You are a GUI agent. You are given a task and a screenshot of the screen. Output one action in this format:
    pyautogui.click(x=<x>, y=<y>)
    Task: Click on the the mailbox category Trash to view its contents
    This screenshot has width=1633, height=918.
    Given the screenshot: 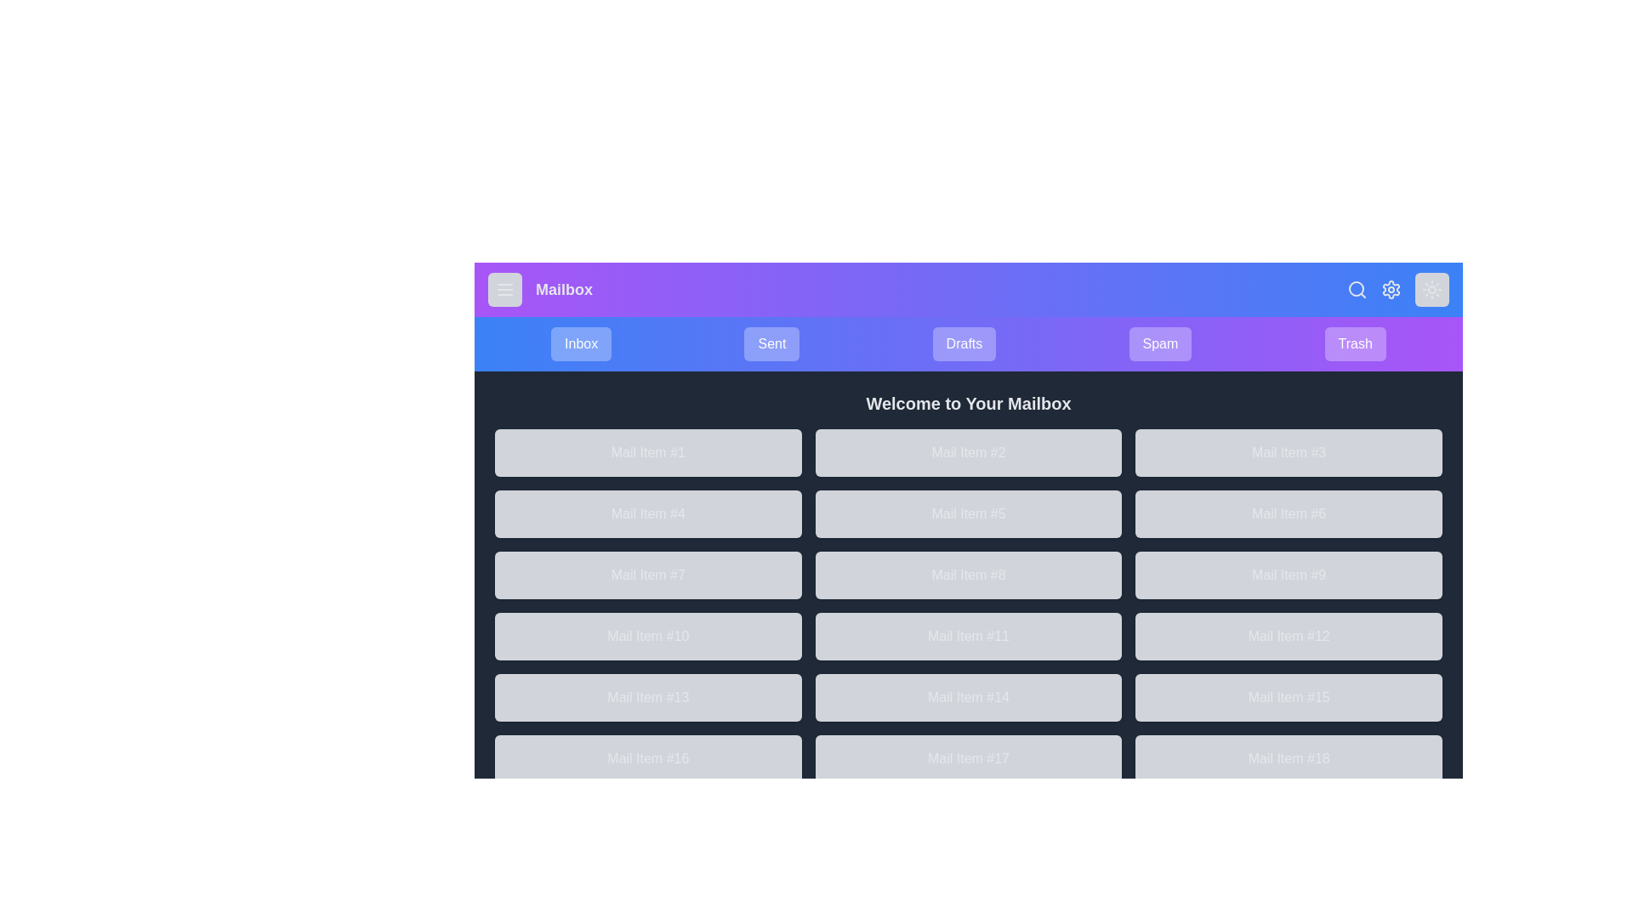 What is the action you would take?
    pyautogui.click(x=1354, y=344)
    